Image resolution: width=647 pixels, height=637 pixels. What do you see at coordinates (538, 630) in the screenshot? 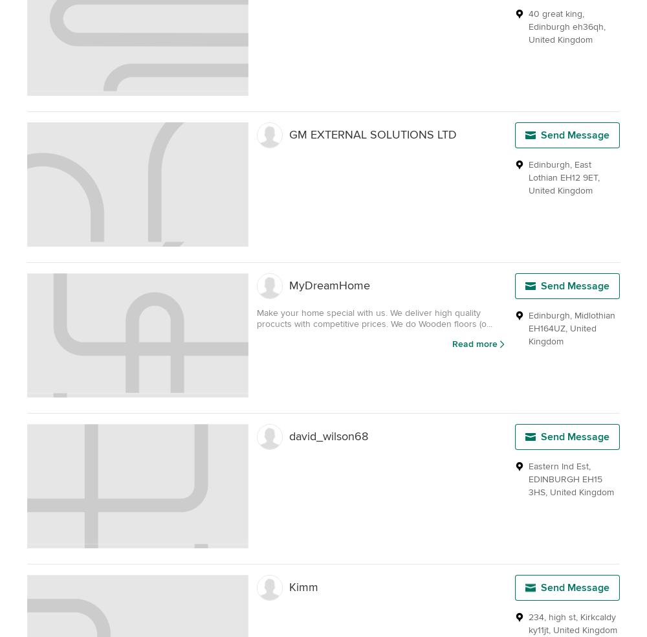
I see `'ky11jt'` at bounding box center [538, 630].